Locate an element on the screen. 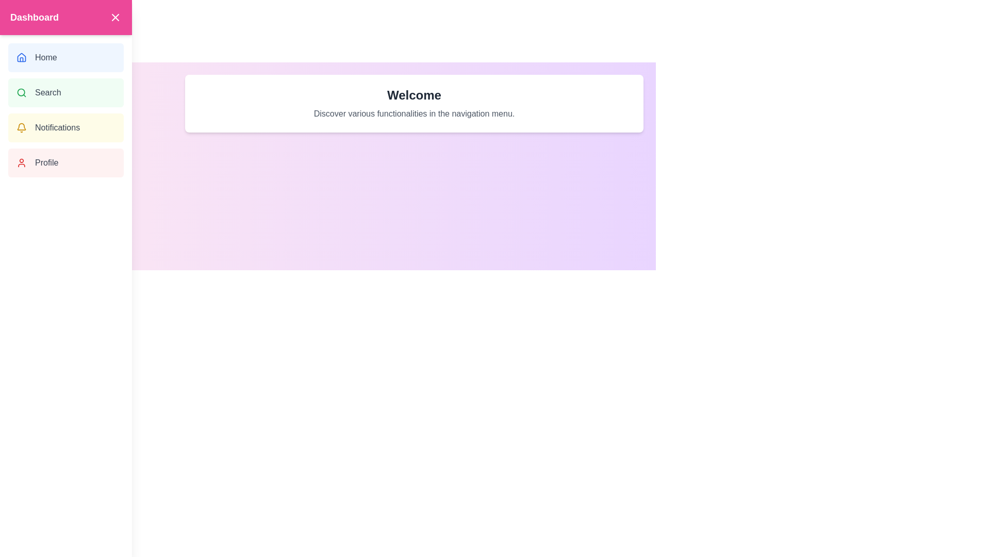 This screenshot has height=557, width=990. the 'Home' text label in gray font color, which is part of the first menu item in the vertical navigation bar, located to the right of the blue house icon is located at coordinates (45, 57).